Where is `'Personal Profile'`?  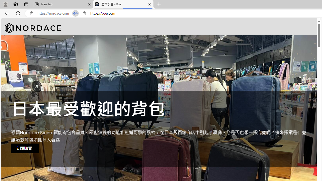
'Personal Profile' is located at coordinates (5, 4).